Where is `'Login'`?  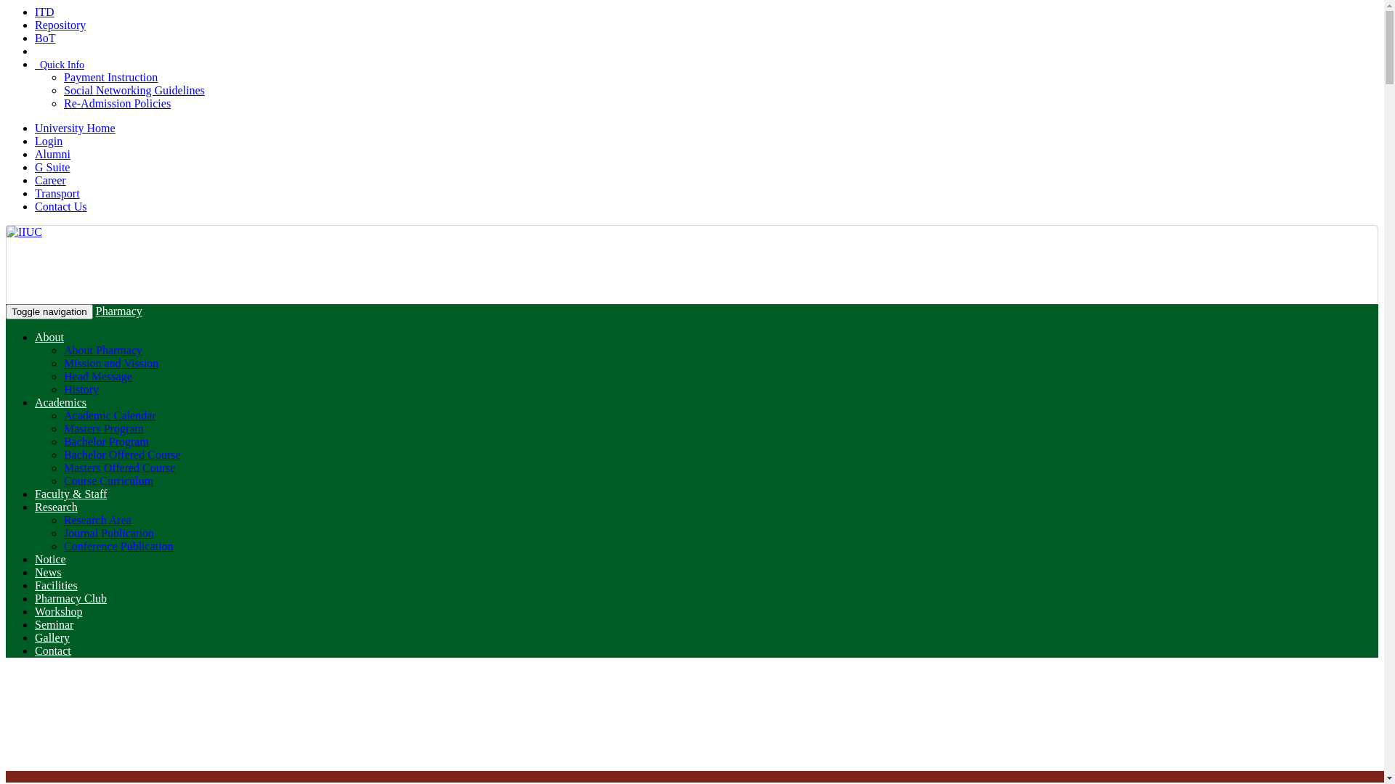
'Login' is located at coordinates (49, 141).